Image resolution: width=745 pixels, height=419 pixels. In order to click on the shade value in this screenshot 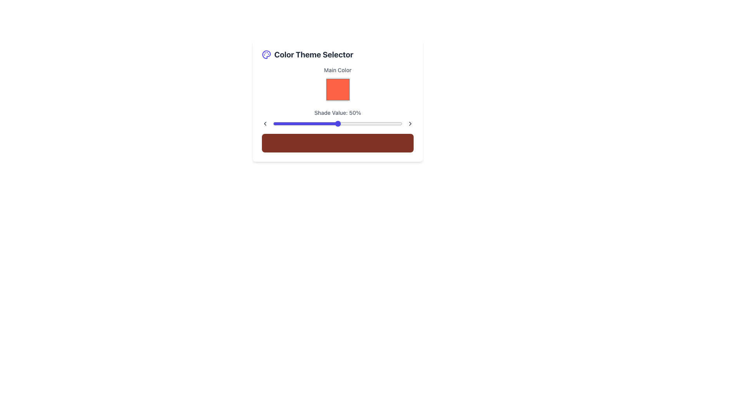, I will do `click(380, 123)`.